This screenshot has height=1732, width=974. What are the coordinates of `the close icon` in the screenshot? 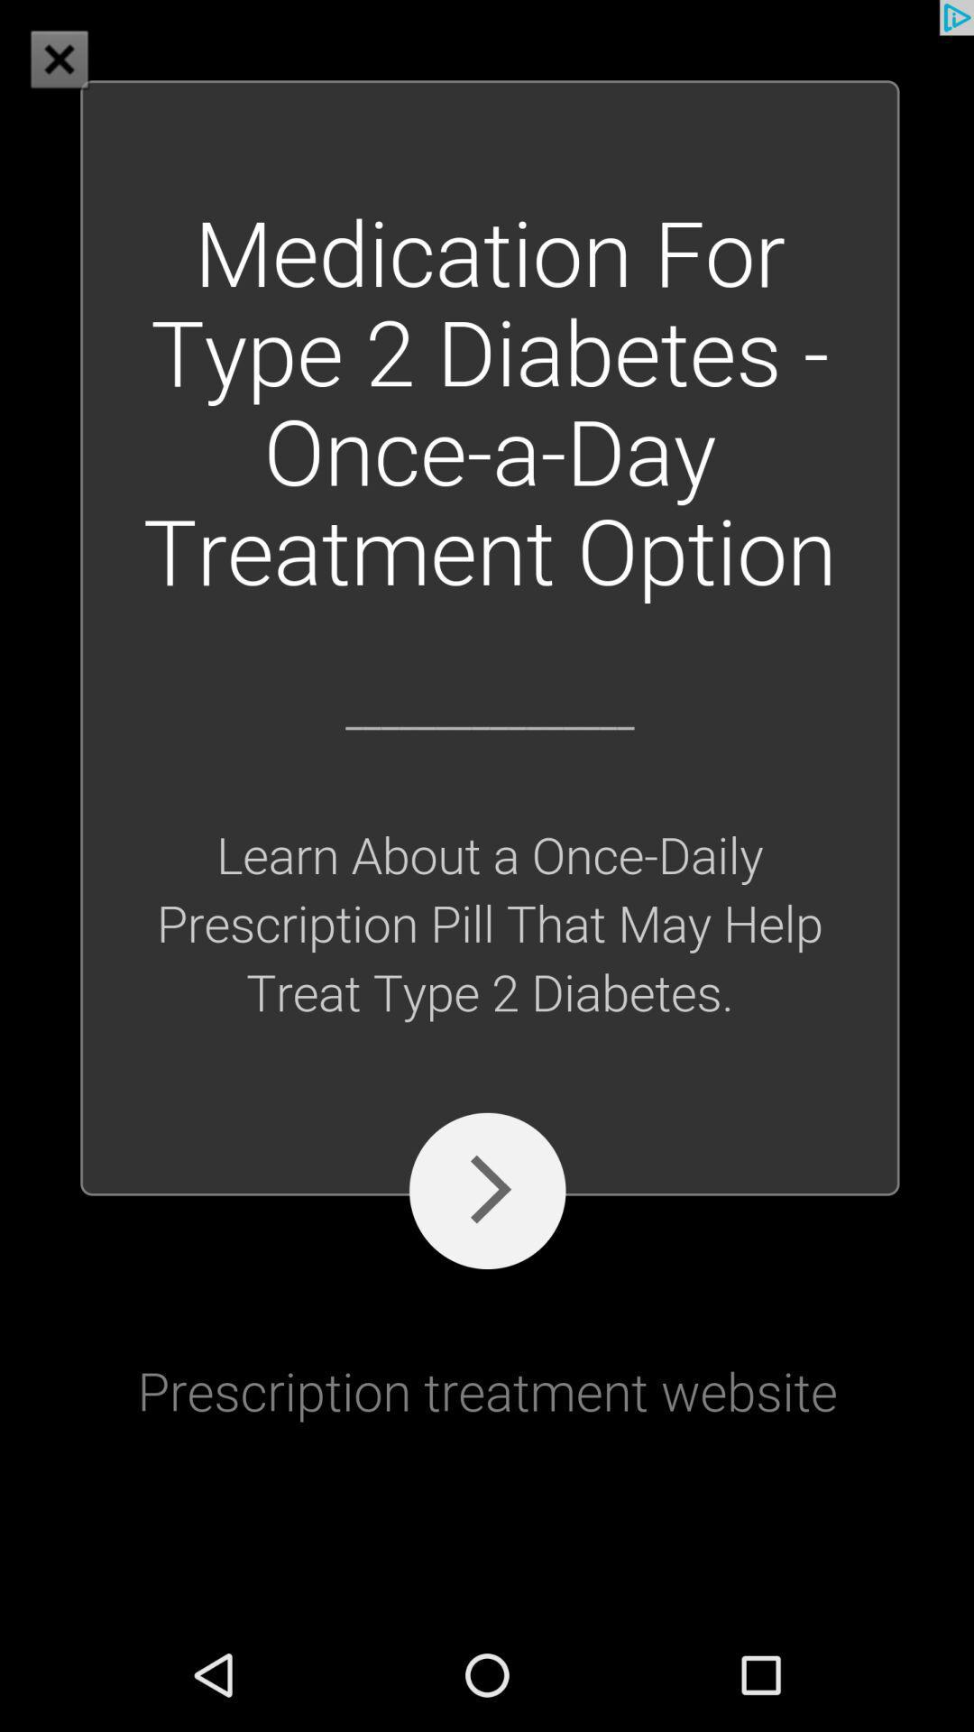 It's located at (58, 63).